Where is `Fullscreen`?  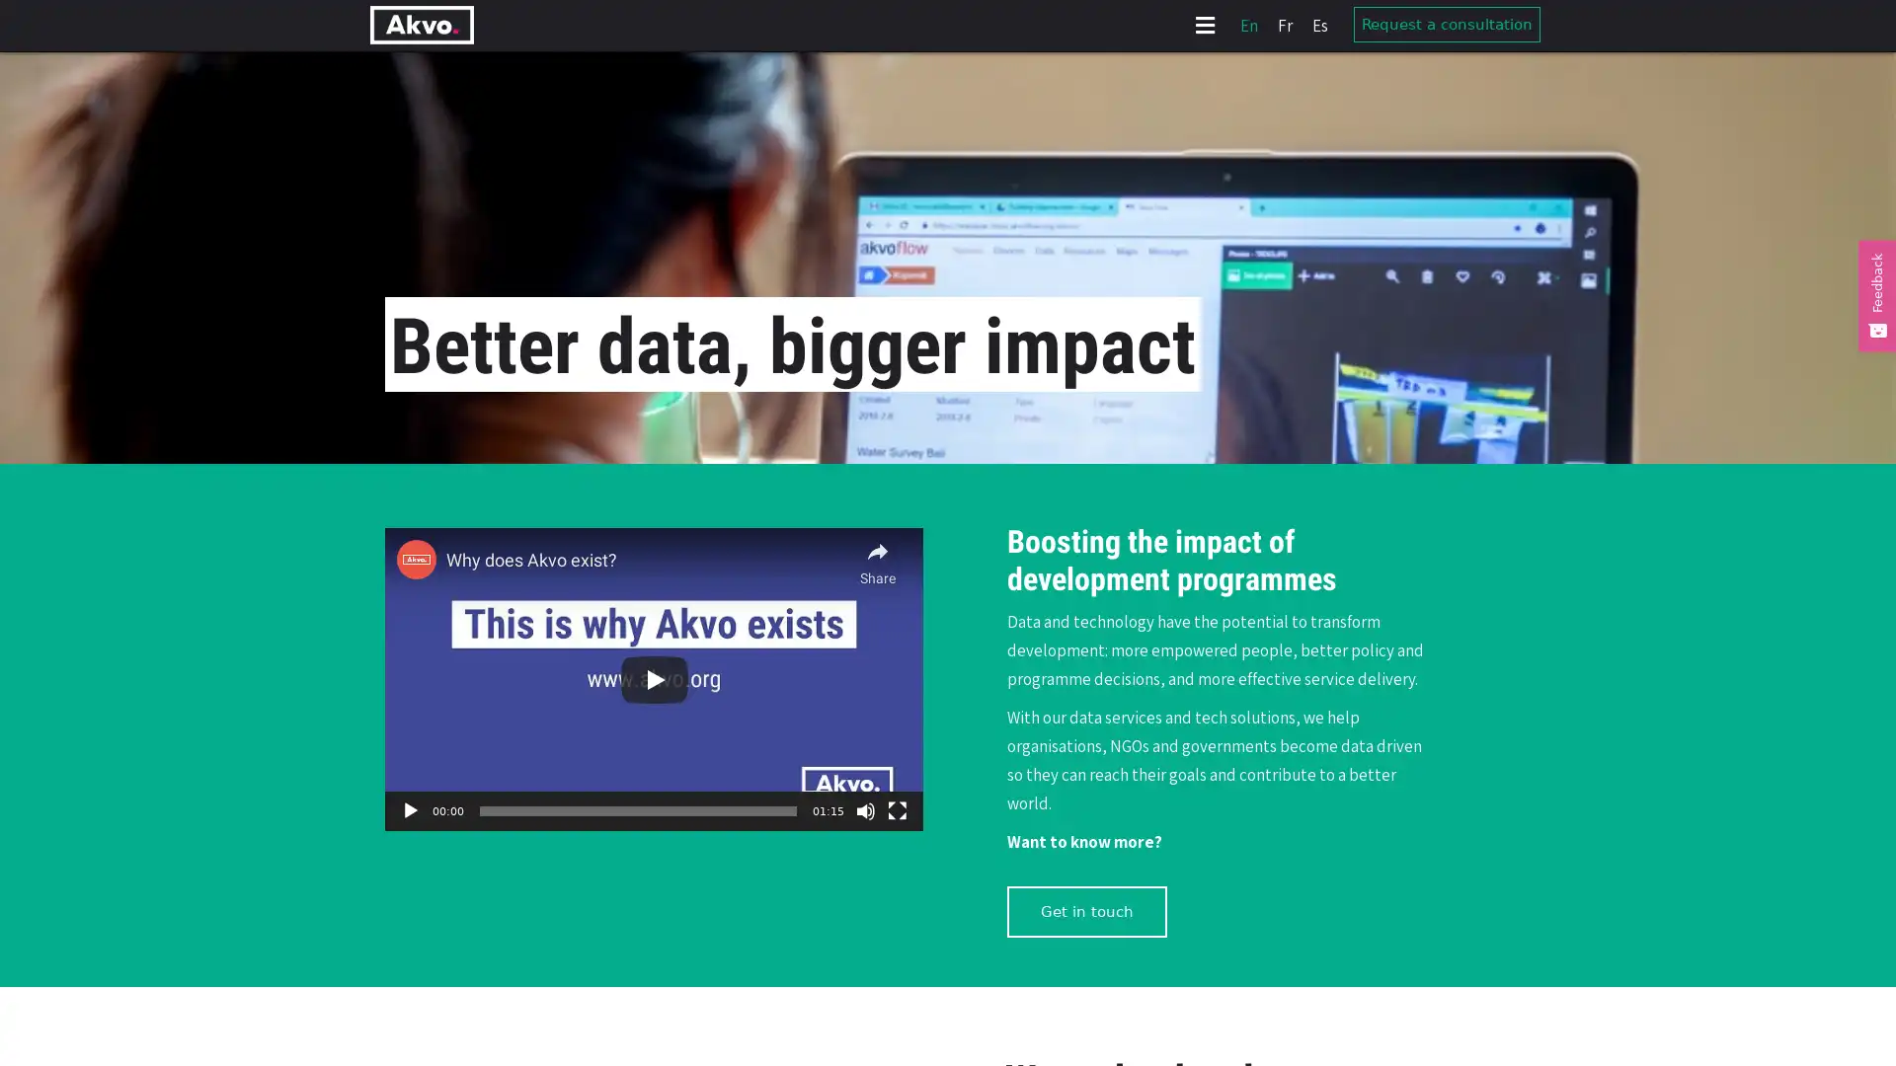 Fullscreen is located at coordinates (896, 810).